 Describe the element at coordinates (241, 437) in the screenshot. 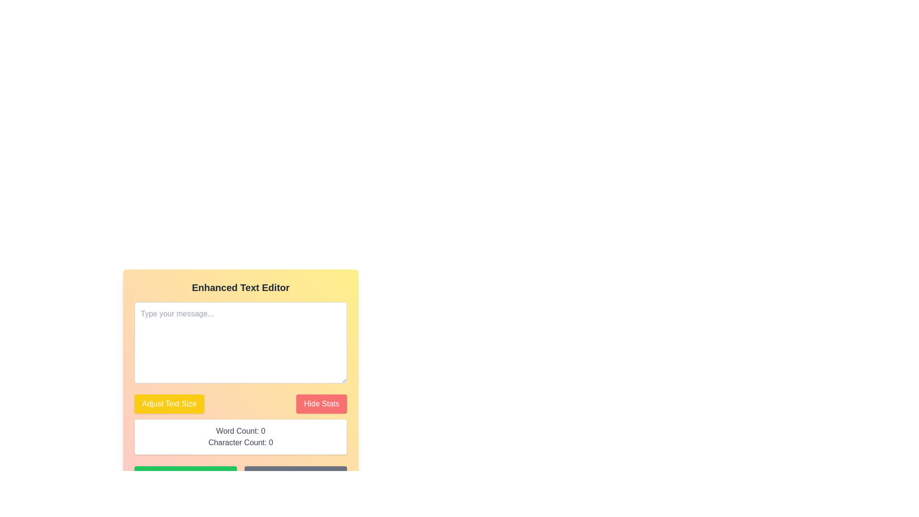

I see `the Text Display Box which shows 'Word Count: 0' and 'Character Count: 0' within the 'Enhanced Text Editor' panel` at that location.